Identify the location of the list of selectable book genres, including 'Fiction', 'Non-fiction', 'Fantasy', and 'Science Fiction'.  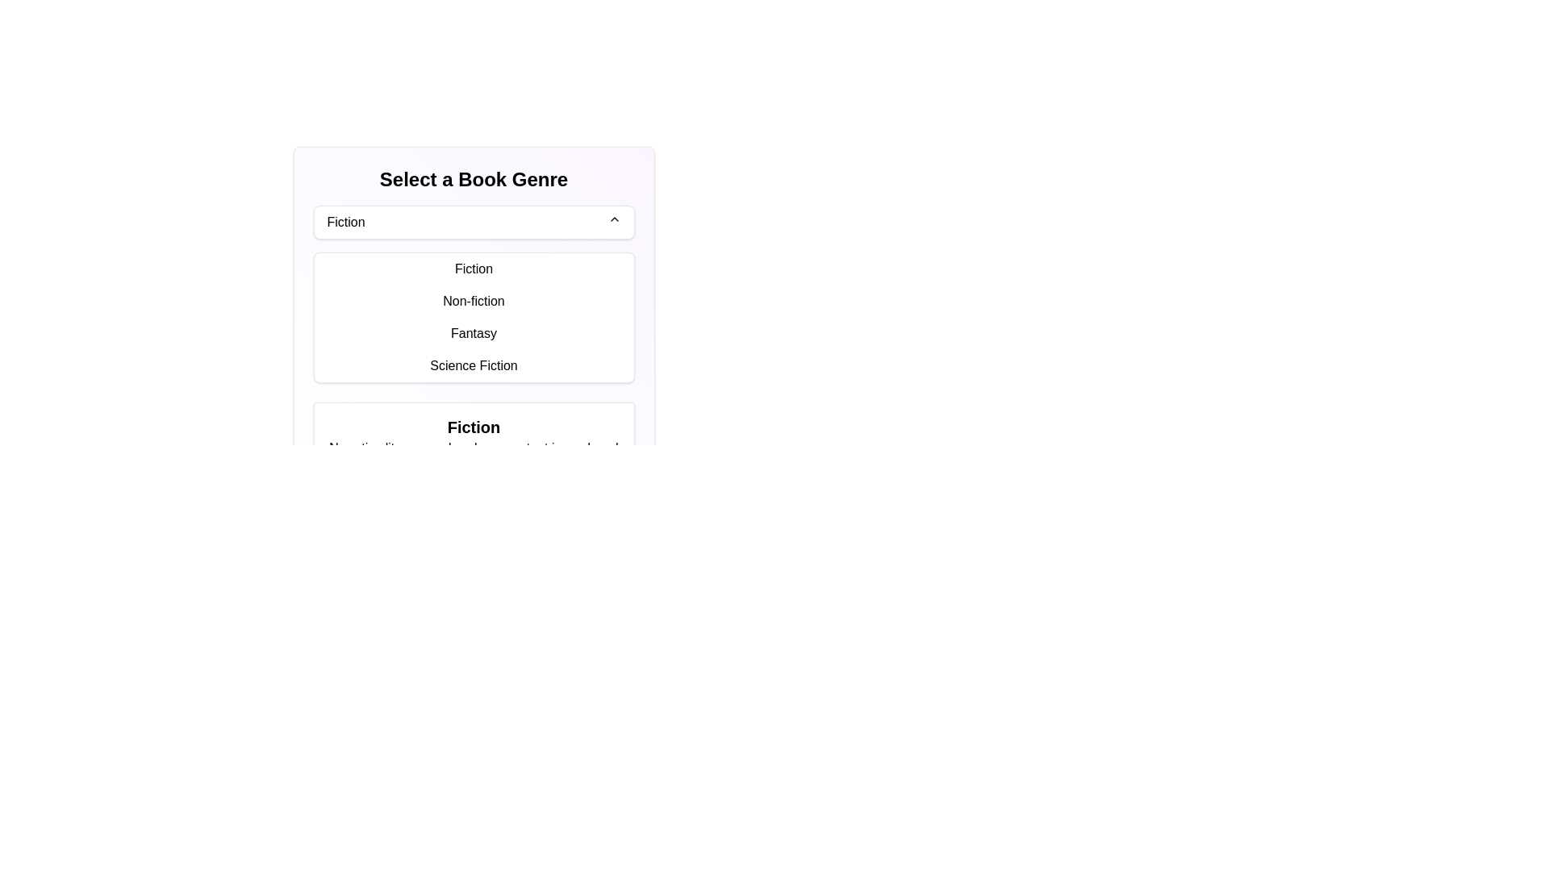
(473, 317).